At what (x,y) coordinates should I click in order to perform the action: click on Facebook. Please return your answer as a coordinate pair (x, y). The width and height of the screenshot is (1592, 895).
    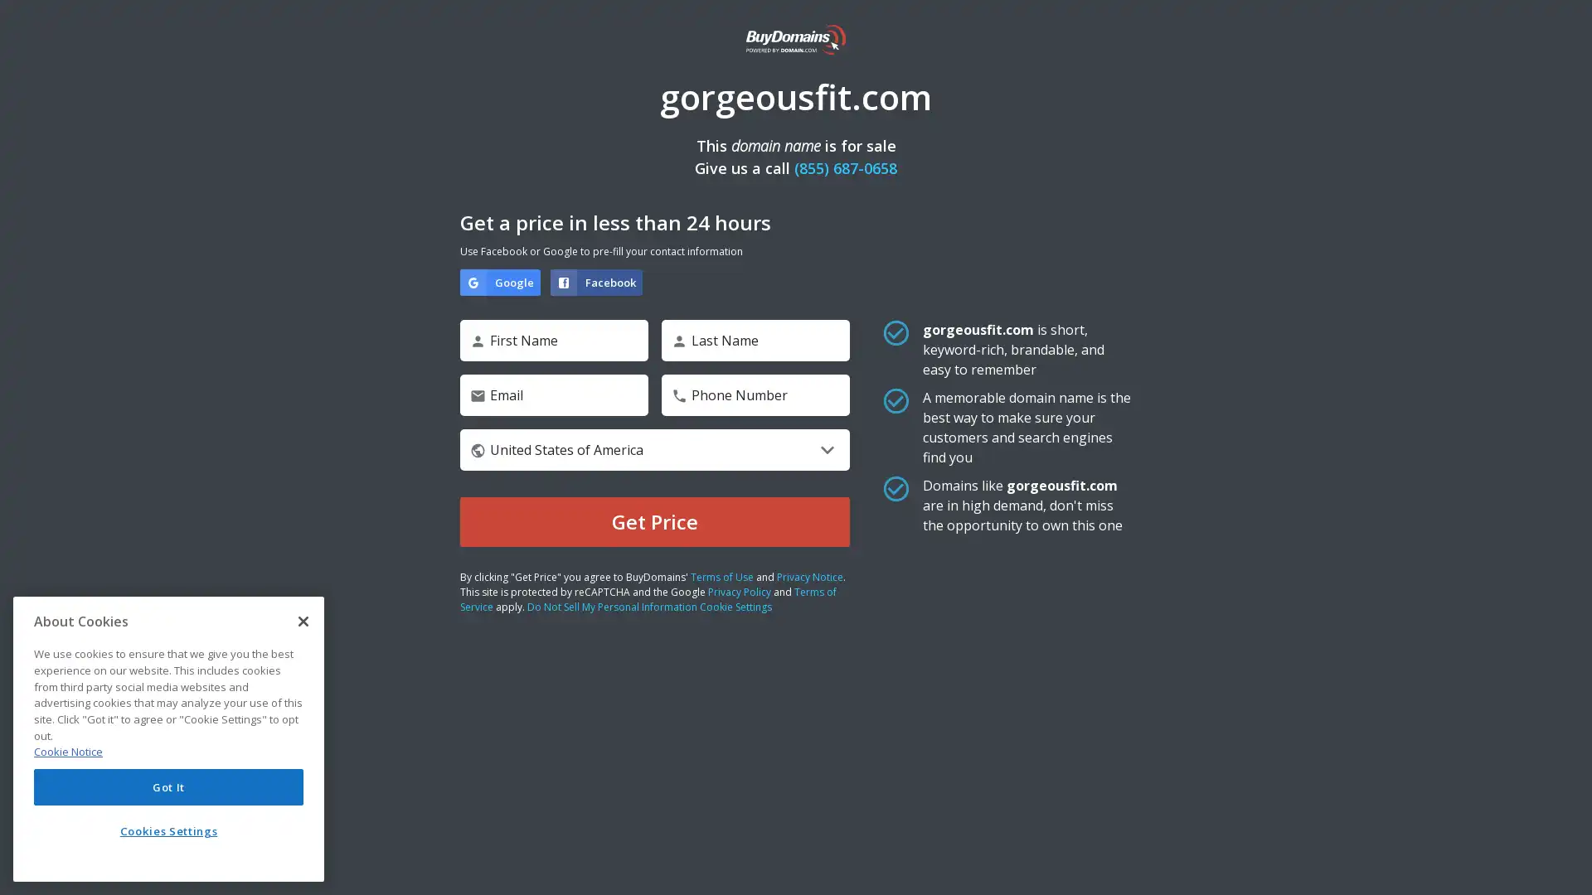
    Looking at the image, I should click on (596, 281).